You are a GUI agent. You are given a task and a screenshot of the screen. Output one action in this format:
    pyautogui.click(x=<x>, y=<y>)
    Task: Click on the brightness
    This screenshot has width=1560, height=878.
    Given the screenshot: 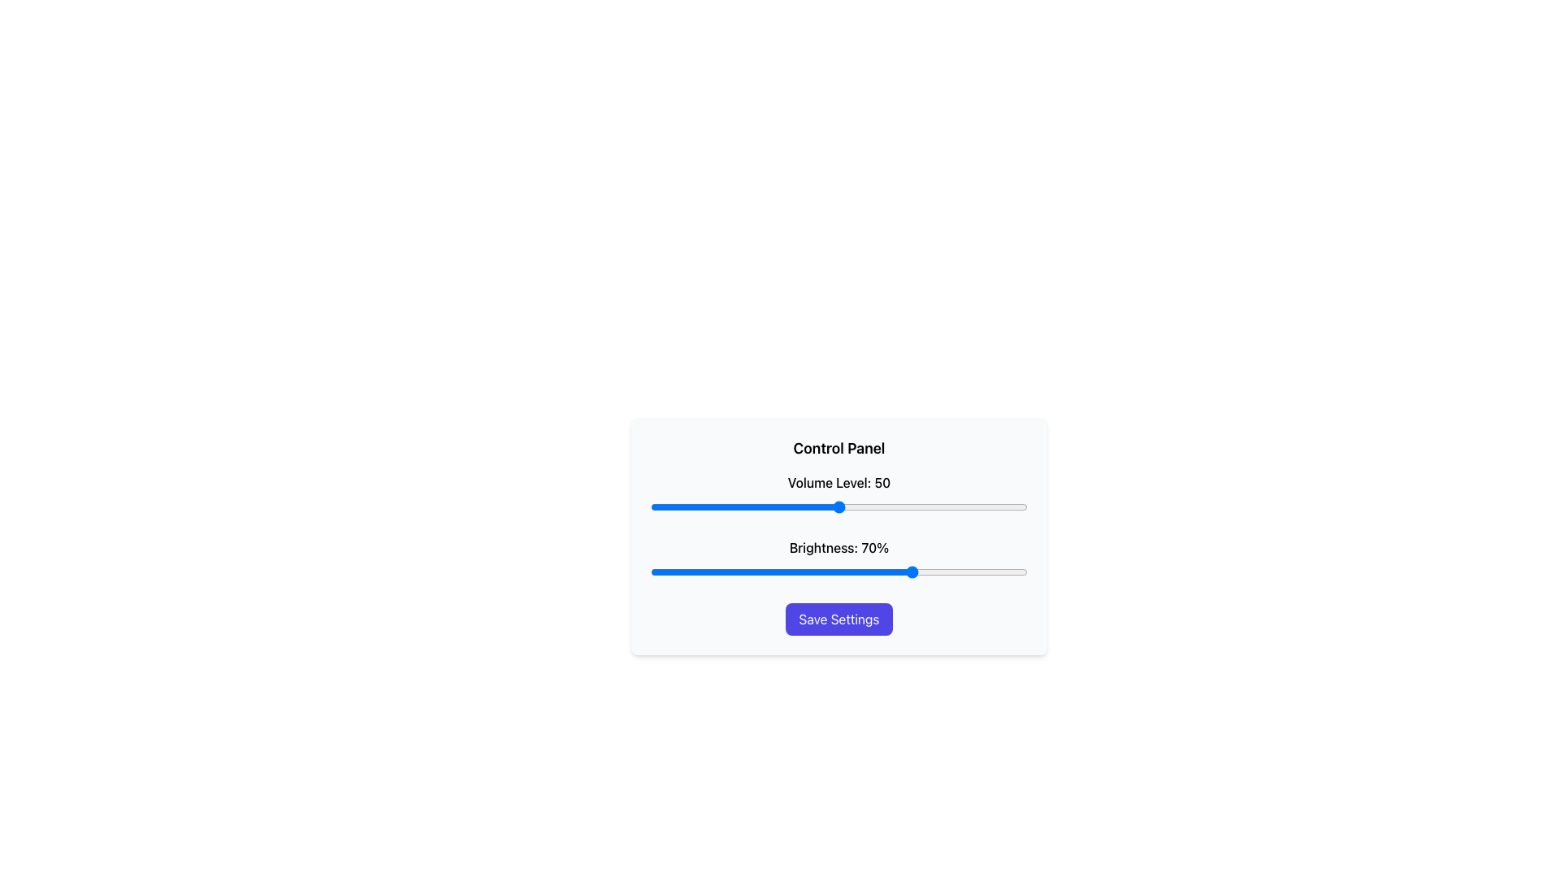 What is the action you would take?
    pyautogui.click(x=824, y=572)
    